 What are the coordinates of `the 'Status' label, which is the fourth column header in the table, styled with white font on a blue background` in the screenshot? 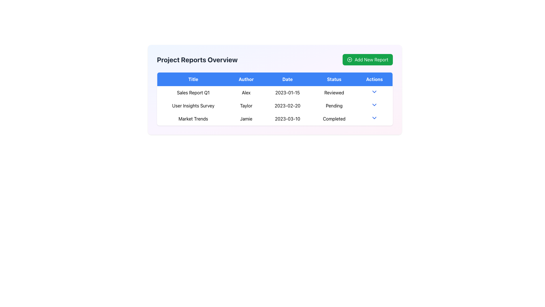 It's located at (334, 79).